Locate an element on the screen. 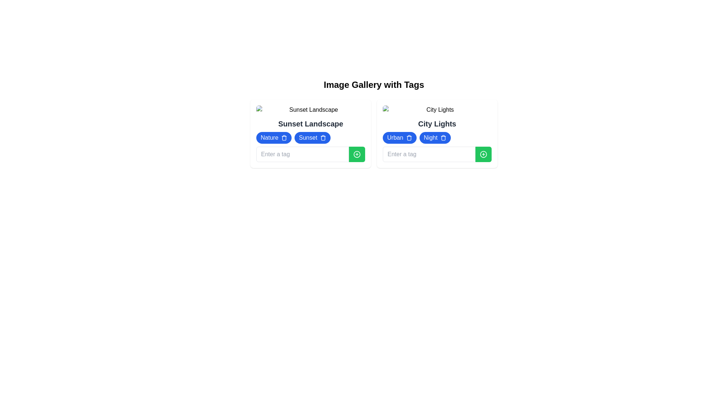  the green rounded button with a plus icon is located at coordinates (357, 154).